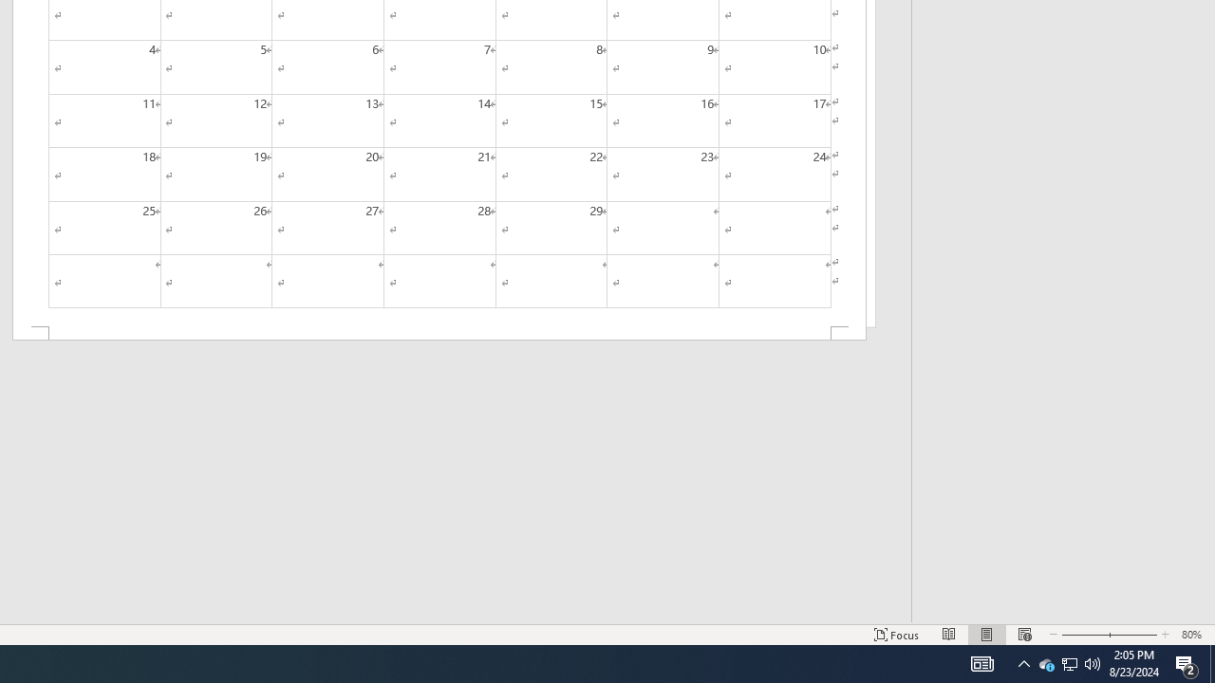 The image size is (1215, 683). What do you see at coordinates (1211, 662) in the screenshot?
I see `'Action Center, 2 new notifications'` at bounding box center [1211, 662].